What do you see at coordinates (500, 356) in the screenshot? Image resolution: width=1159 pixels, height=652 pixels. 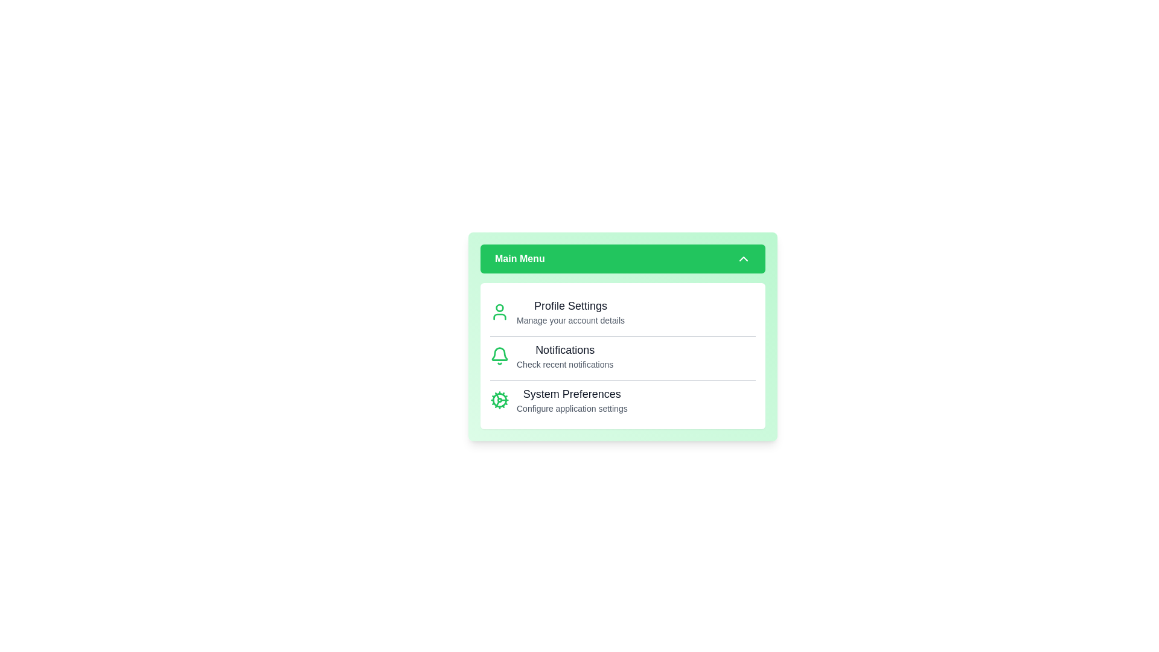 I see `the icon for Notifications to interact with it` at bounding box center [500, 356].